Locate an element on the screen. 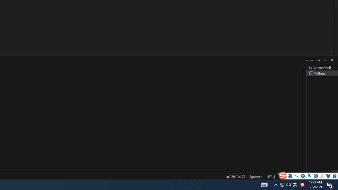  'Spaces: 4' is located at coordinates (256, 176).